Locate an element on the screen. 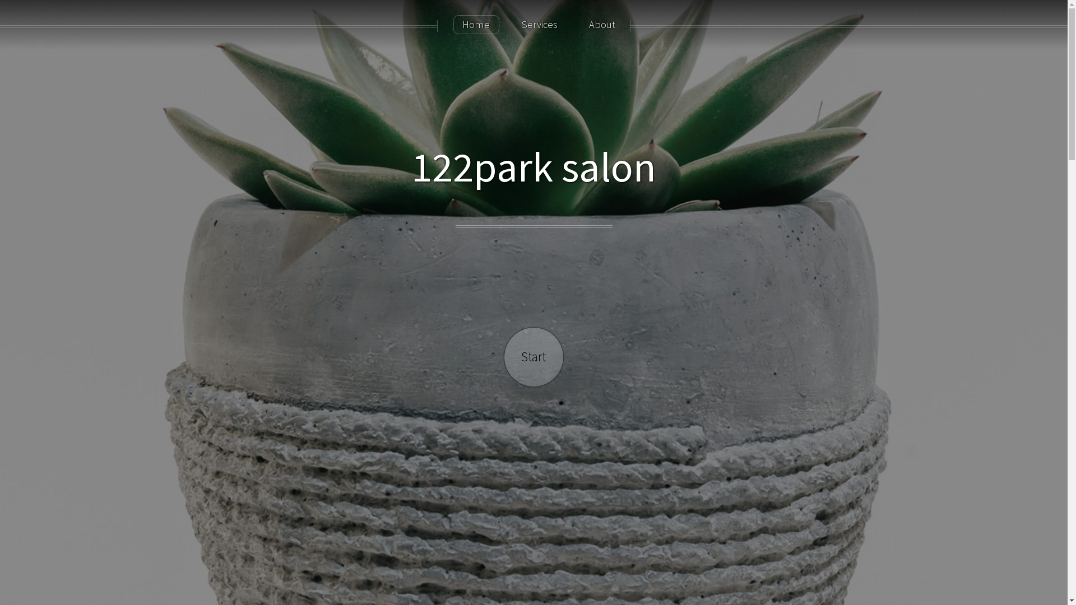  'Start' is located at coordinates (504, 357).